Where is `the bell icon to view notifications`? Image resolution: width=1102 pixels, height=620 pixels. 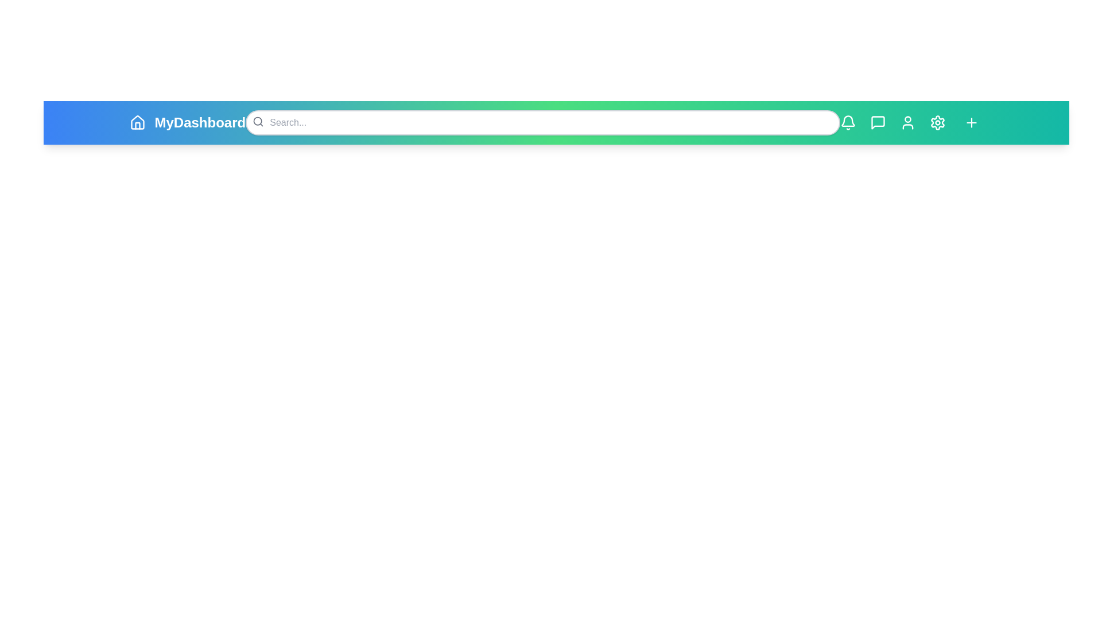
the bell icon to view notifications is located at coordinates (848, 122).